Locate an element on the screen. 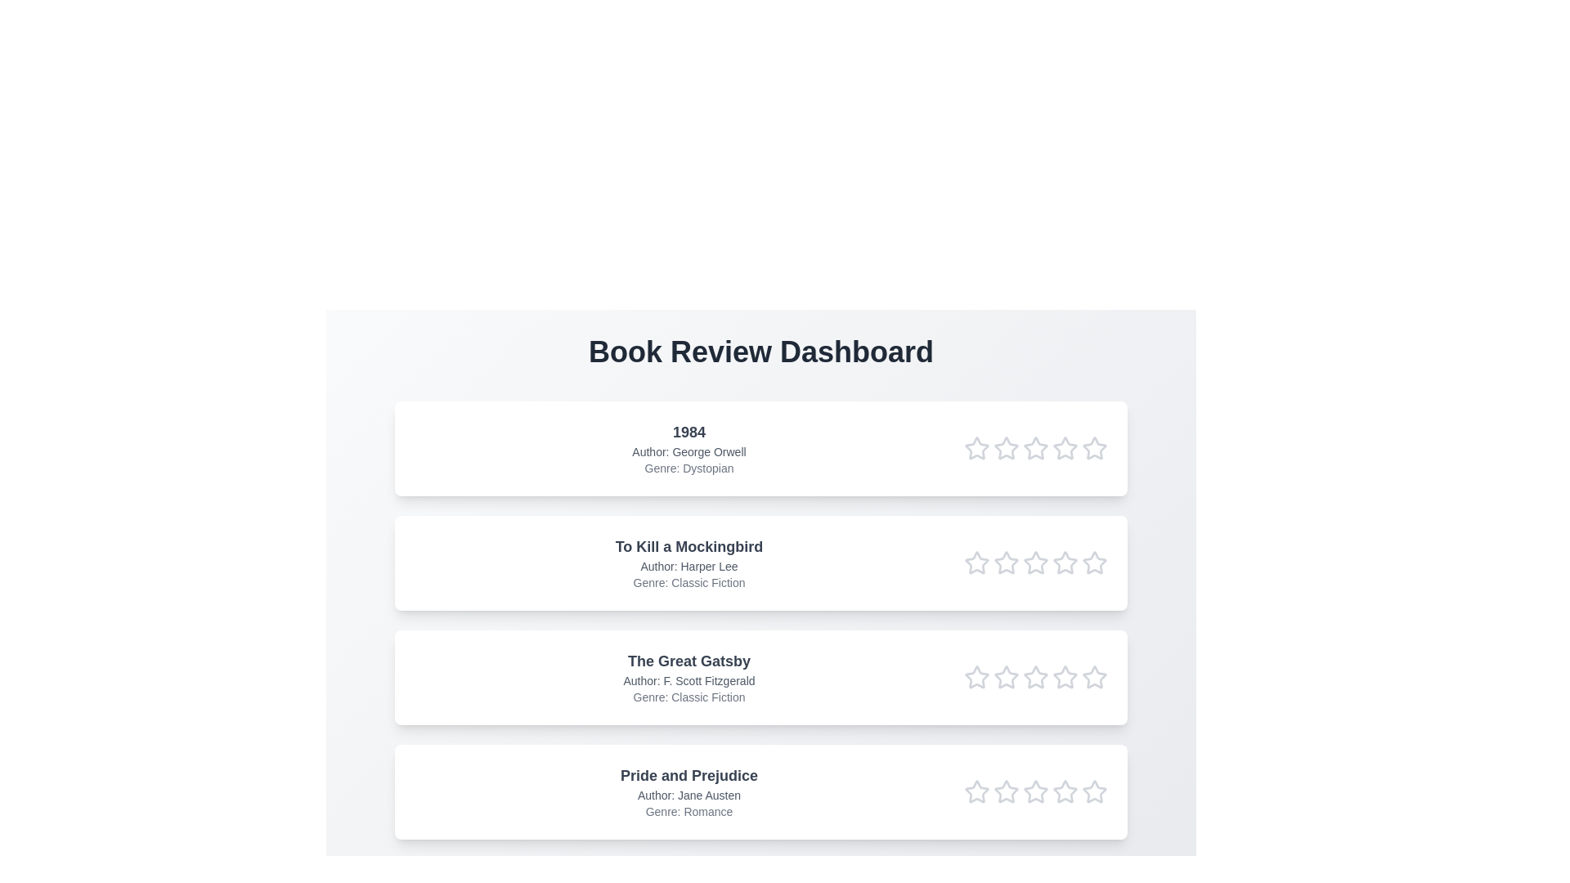 This screenshot has height=883, width=1570. the rating of the book 'To Kill a Mockingbird' to 2 stars by clicking on the respective star is located at coordinates (1005, 563).